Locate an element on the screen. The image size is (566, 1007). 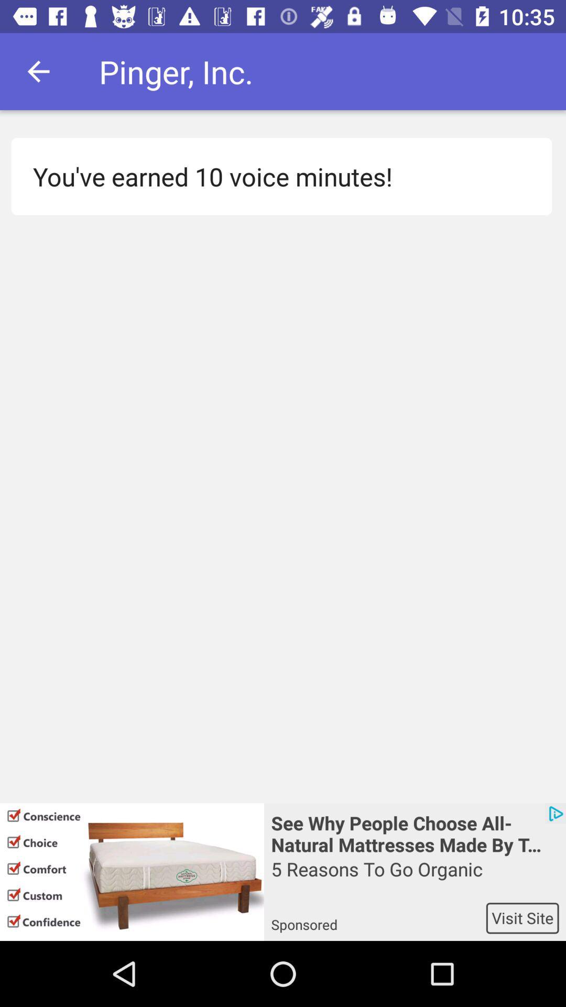
the icon above the you ve earned icon is located at coordinates (38, 71).